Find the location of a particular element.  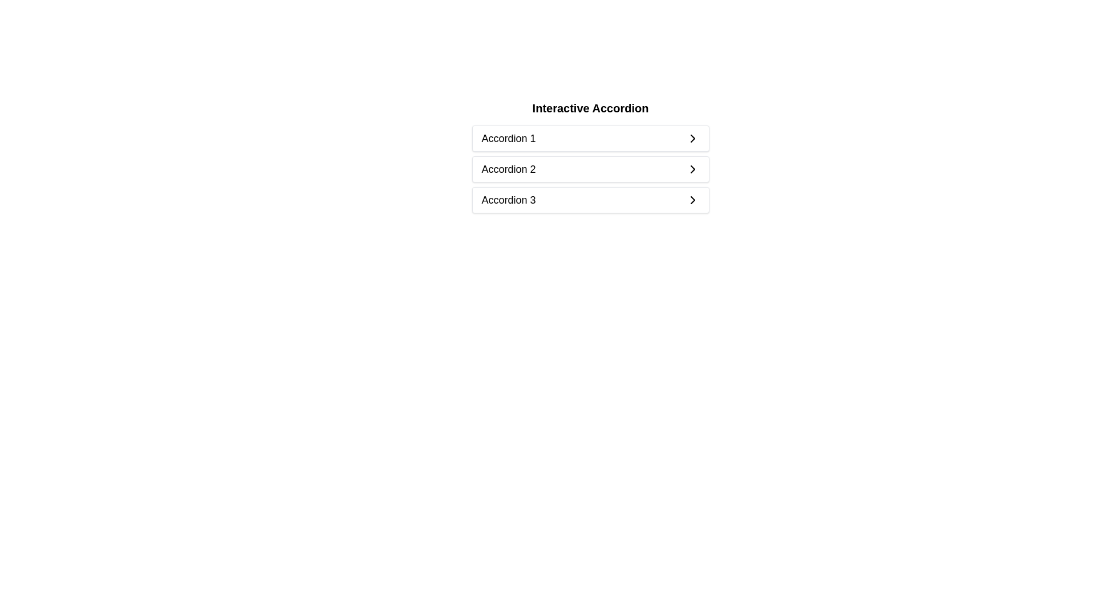

the 'Accordion 2' tab is located at coordinates (590, 159).